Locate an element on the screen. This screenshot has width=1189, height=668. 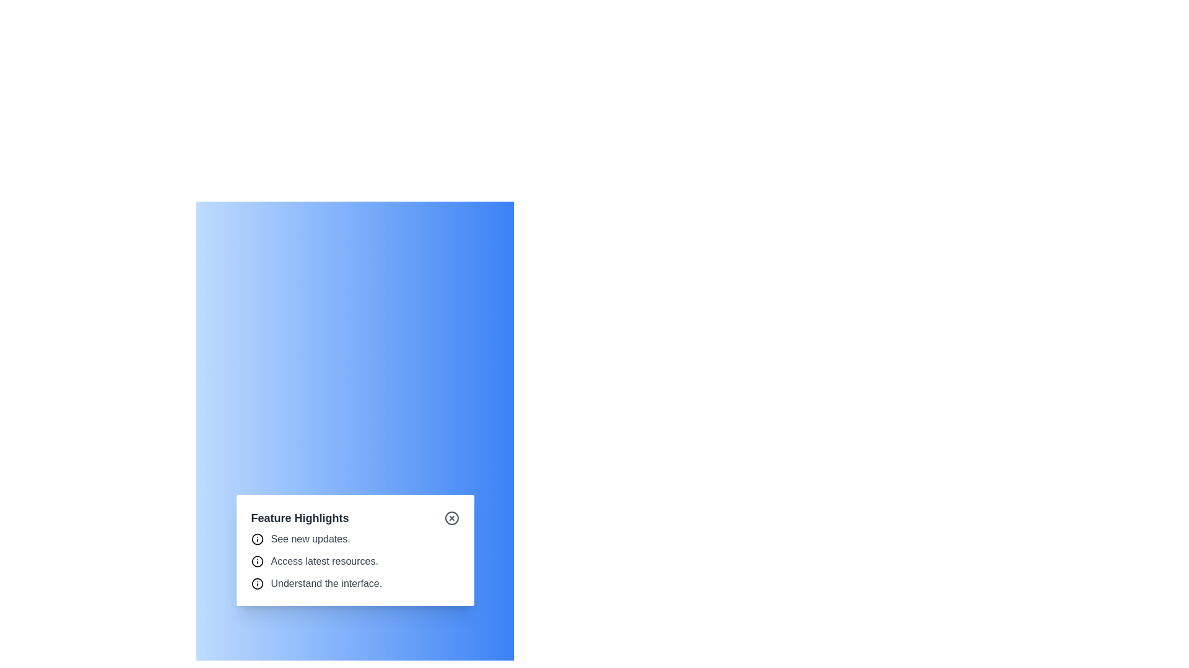
the informational text label that provides updates, located in the 'Feature Highlights' panel, second in line among similar text elements is located at coordinates (310, 538).